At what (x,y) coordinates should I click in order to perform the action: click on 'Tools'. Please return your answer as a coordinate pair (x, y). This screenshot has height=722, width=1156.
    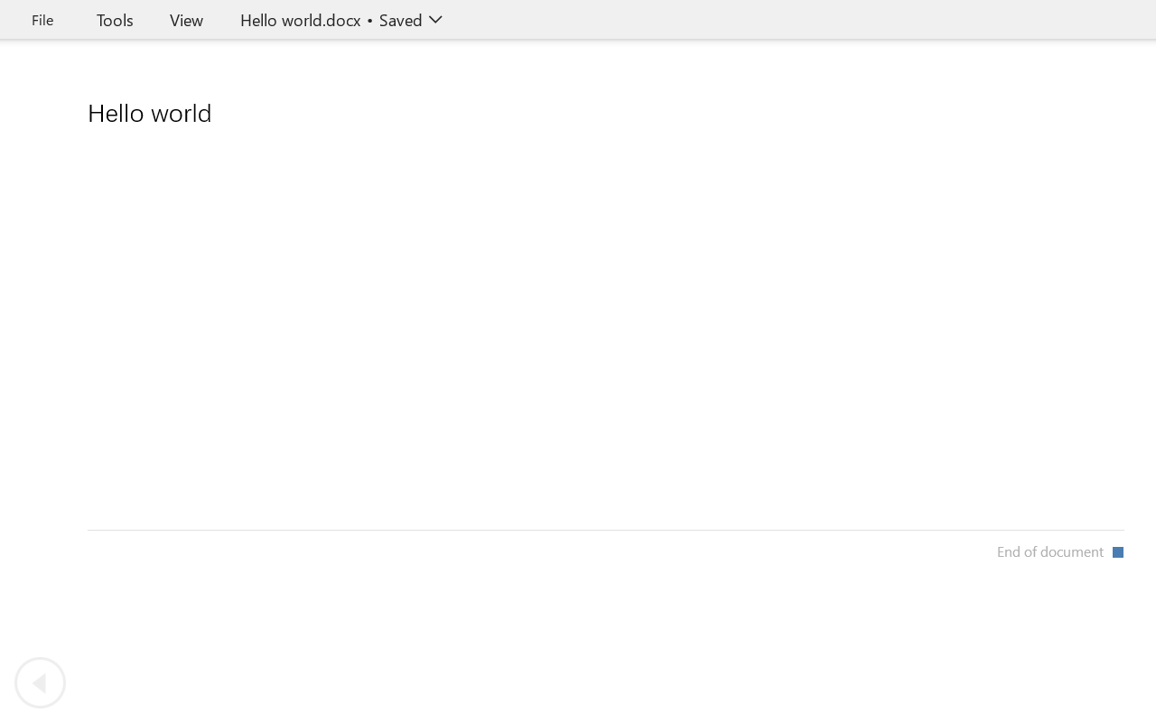
    Looking at the image, I should click on (114, 19).